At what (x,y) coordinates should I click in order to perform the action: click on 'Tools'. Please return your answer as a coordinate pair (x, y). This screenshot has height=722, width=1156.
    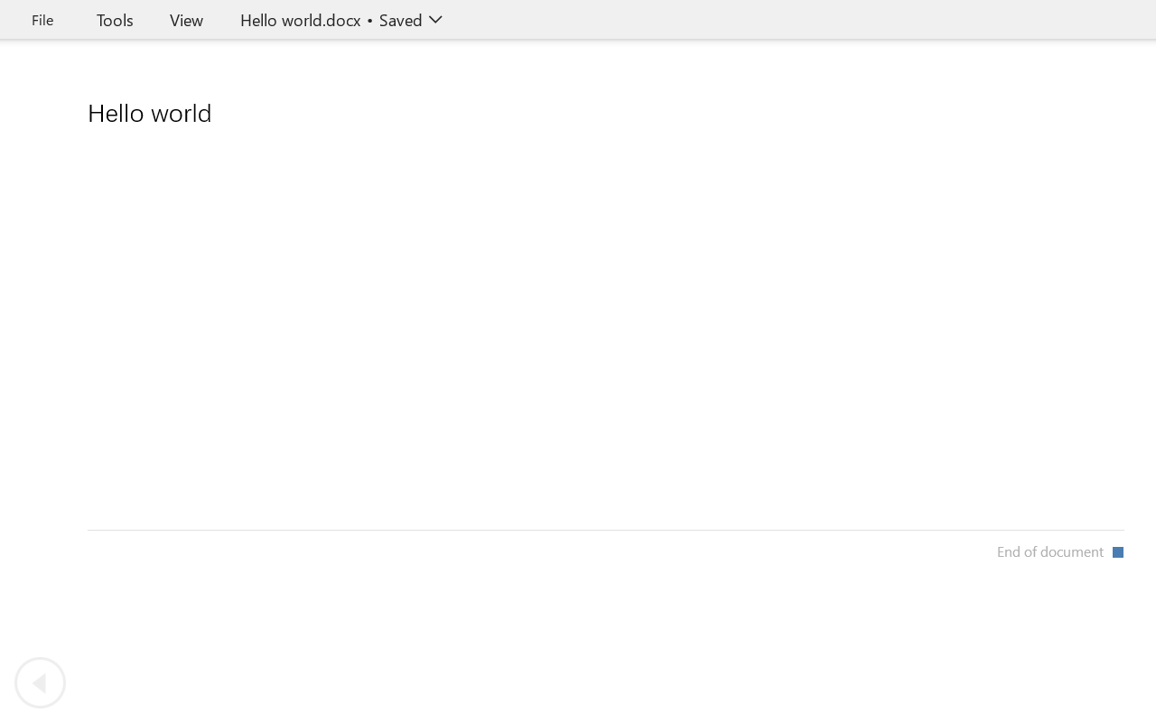
    Looking at the image, I should click on (114, 19).